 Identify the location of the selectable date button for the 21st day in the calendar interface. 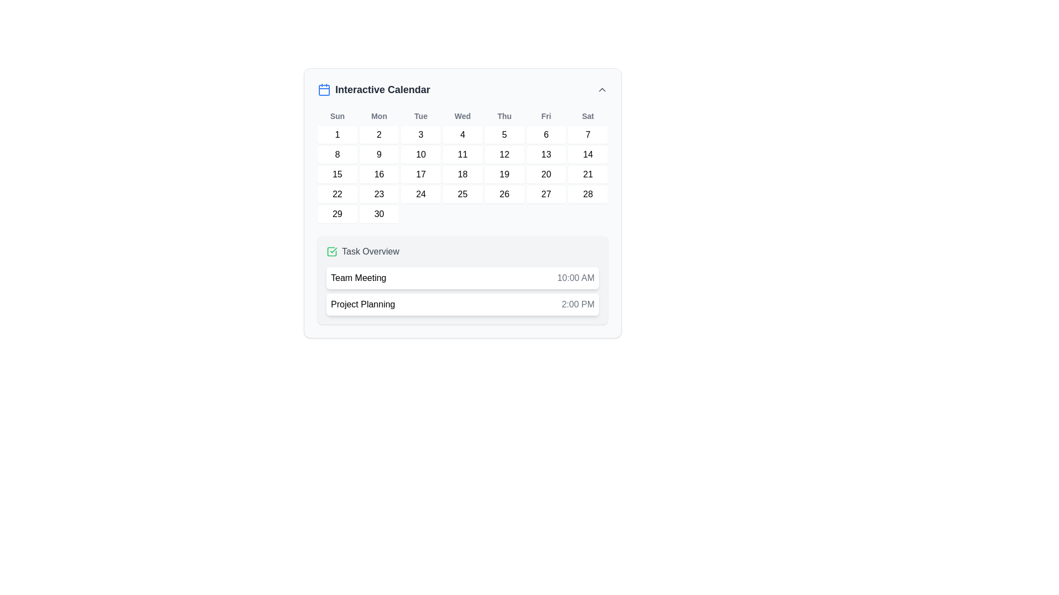
(587, 174).